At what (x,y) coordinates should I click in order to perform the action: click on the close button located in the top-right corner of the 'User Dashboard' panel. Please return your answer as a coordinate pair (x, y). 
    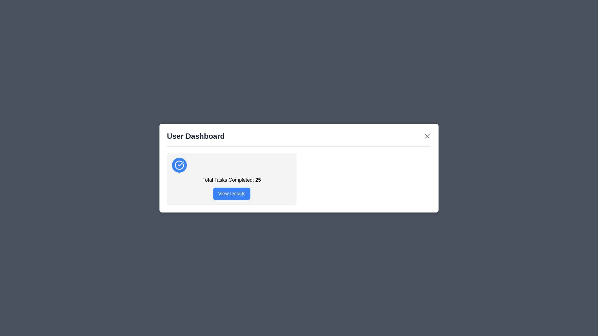
    Looking at the image, I should click on (427, 136).